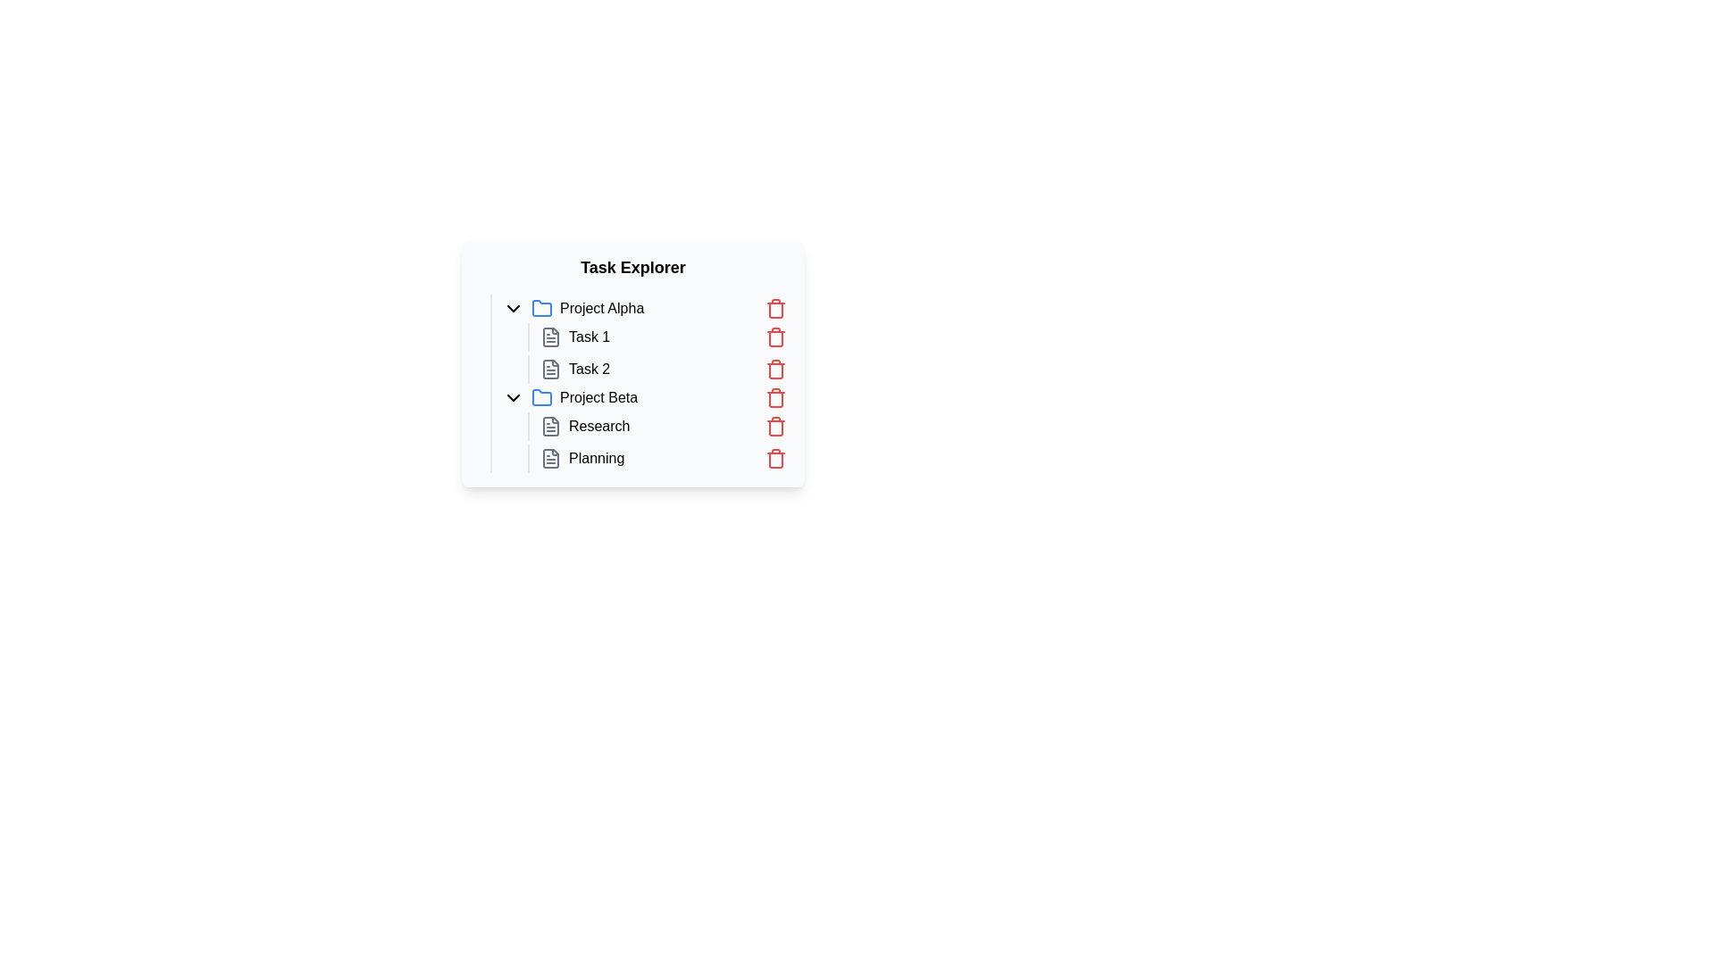 Image resolution: width=1715 pixels, height=964 pixels. What do you see at coordinates (775, 398) in the screenshot?
I see `the trash bin icon styled with a rectangular body and a slightly curved top edge, located next to the item 'Project Beta' in the Task Explorer interface to invoke the delete action` at bounding box center [775, 398].